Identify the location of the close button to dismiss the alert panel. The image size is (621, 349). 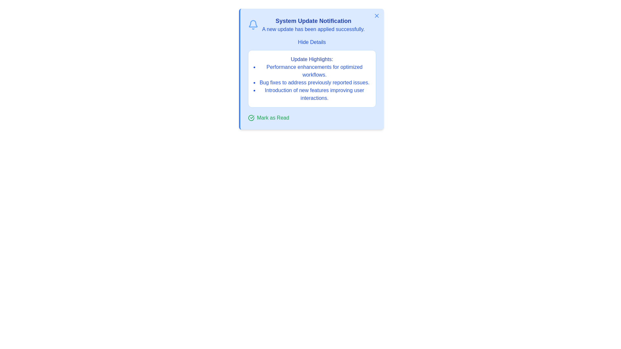
(376, 16).